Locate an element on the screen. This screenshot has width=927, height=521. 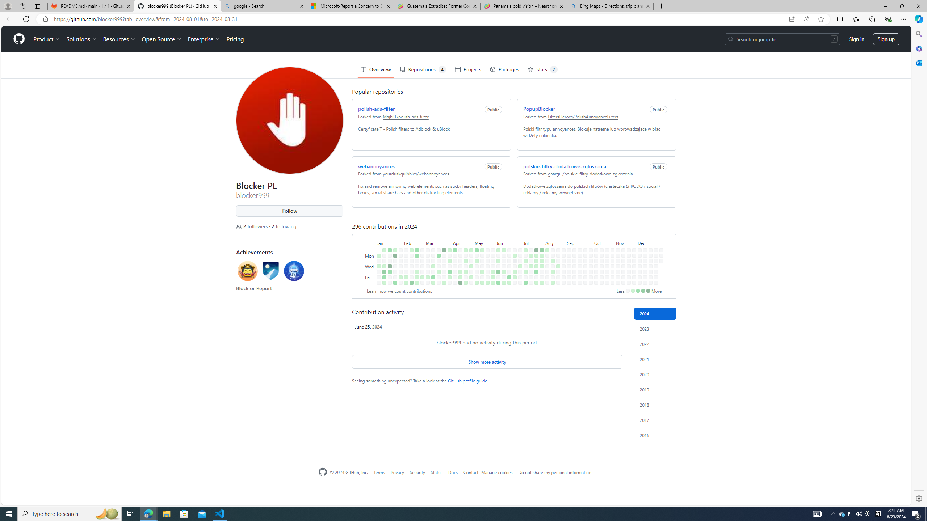
'No contributions on November 29th.' is located at coordinates (634, 277).